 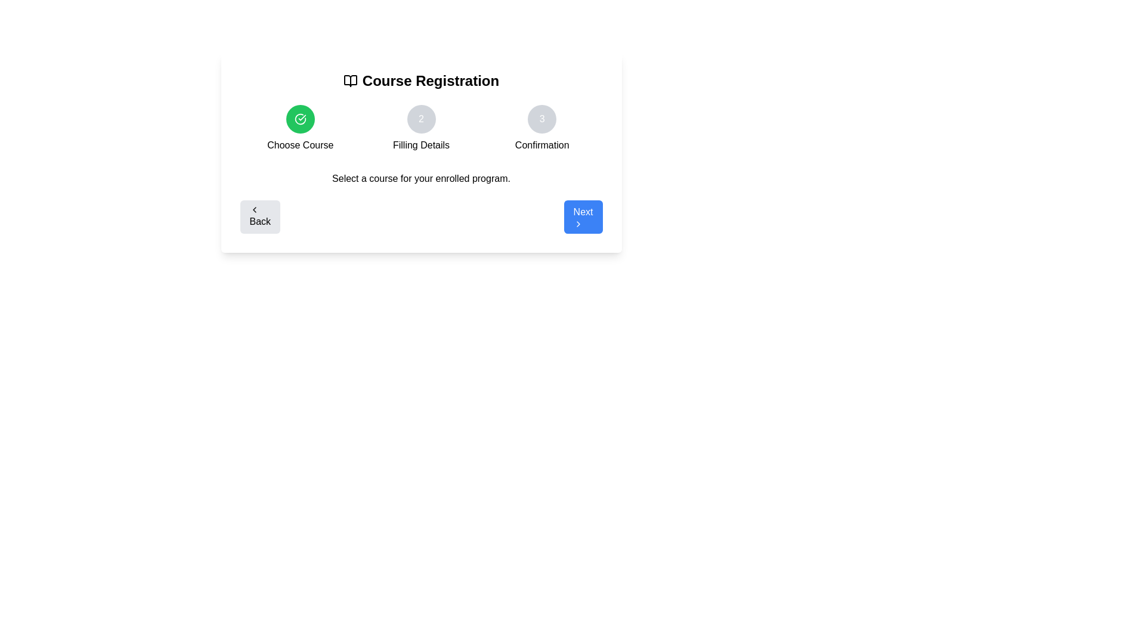 What do you see at coordinates (421, 129) in the screenshot?
I see `the Step Indicator element, which features a circular icon with the number '2' and the label 'Filling Details' below it, indicating the second step in the process` at bounding box center [421, 129].